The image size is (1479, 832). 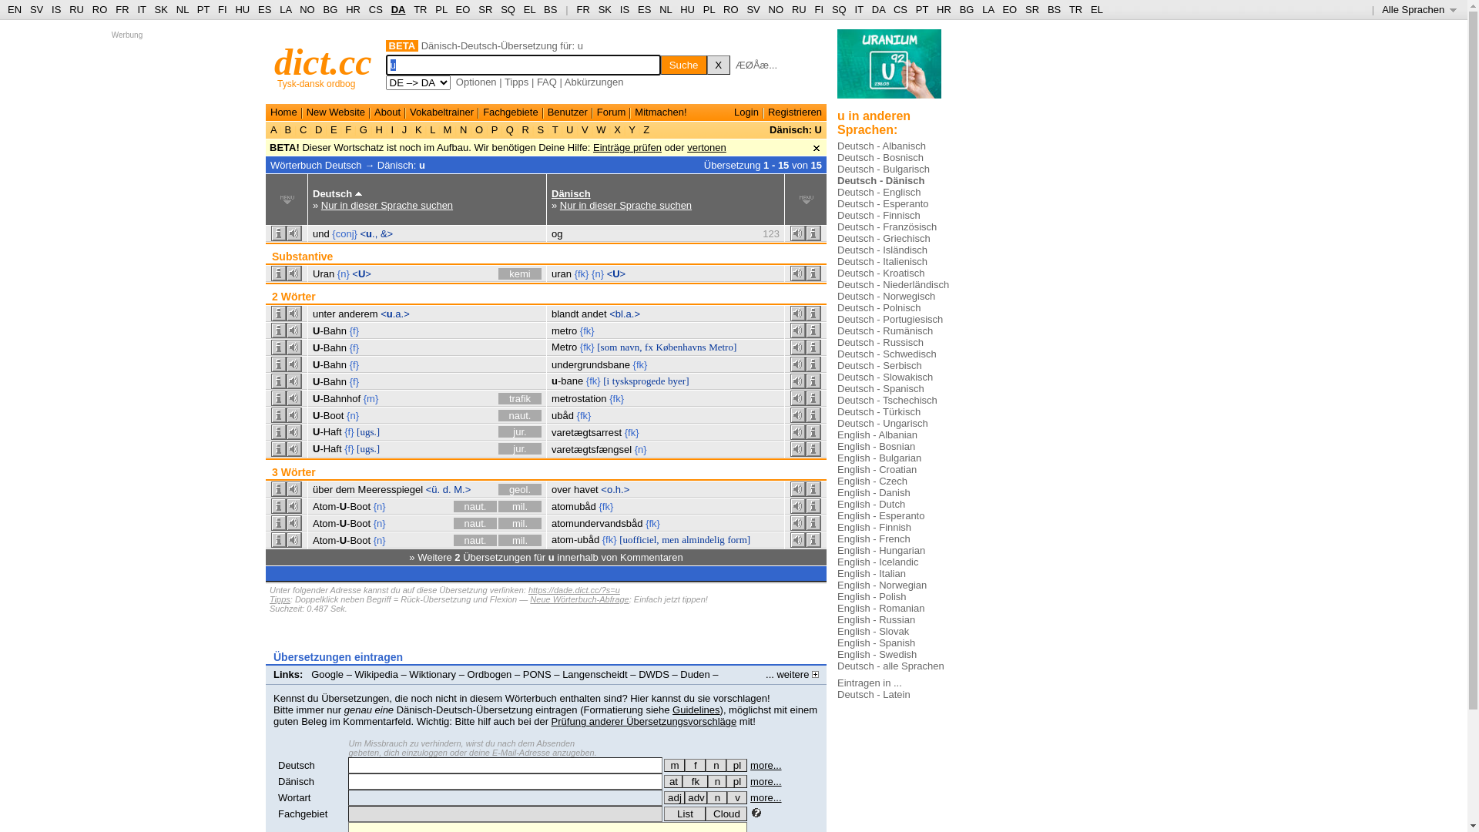 I want to click on '... weitere', so click(x=792, y=673).